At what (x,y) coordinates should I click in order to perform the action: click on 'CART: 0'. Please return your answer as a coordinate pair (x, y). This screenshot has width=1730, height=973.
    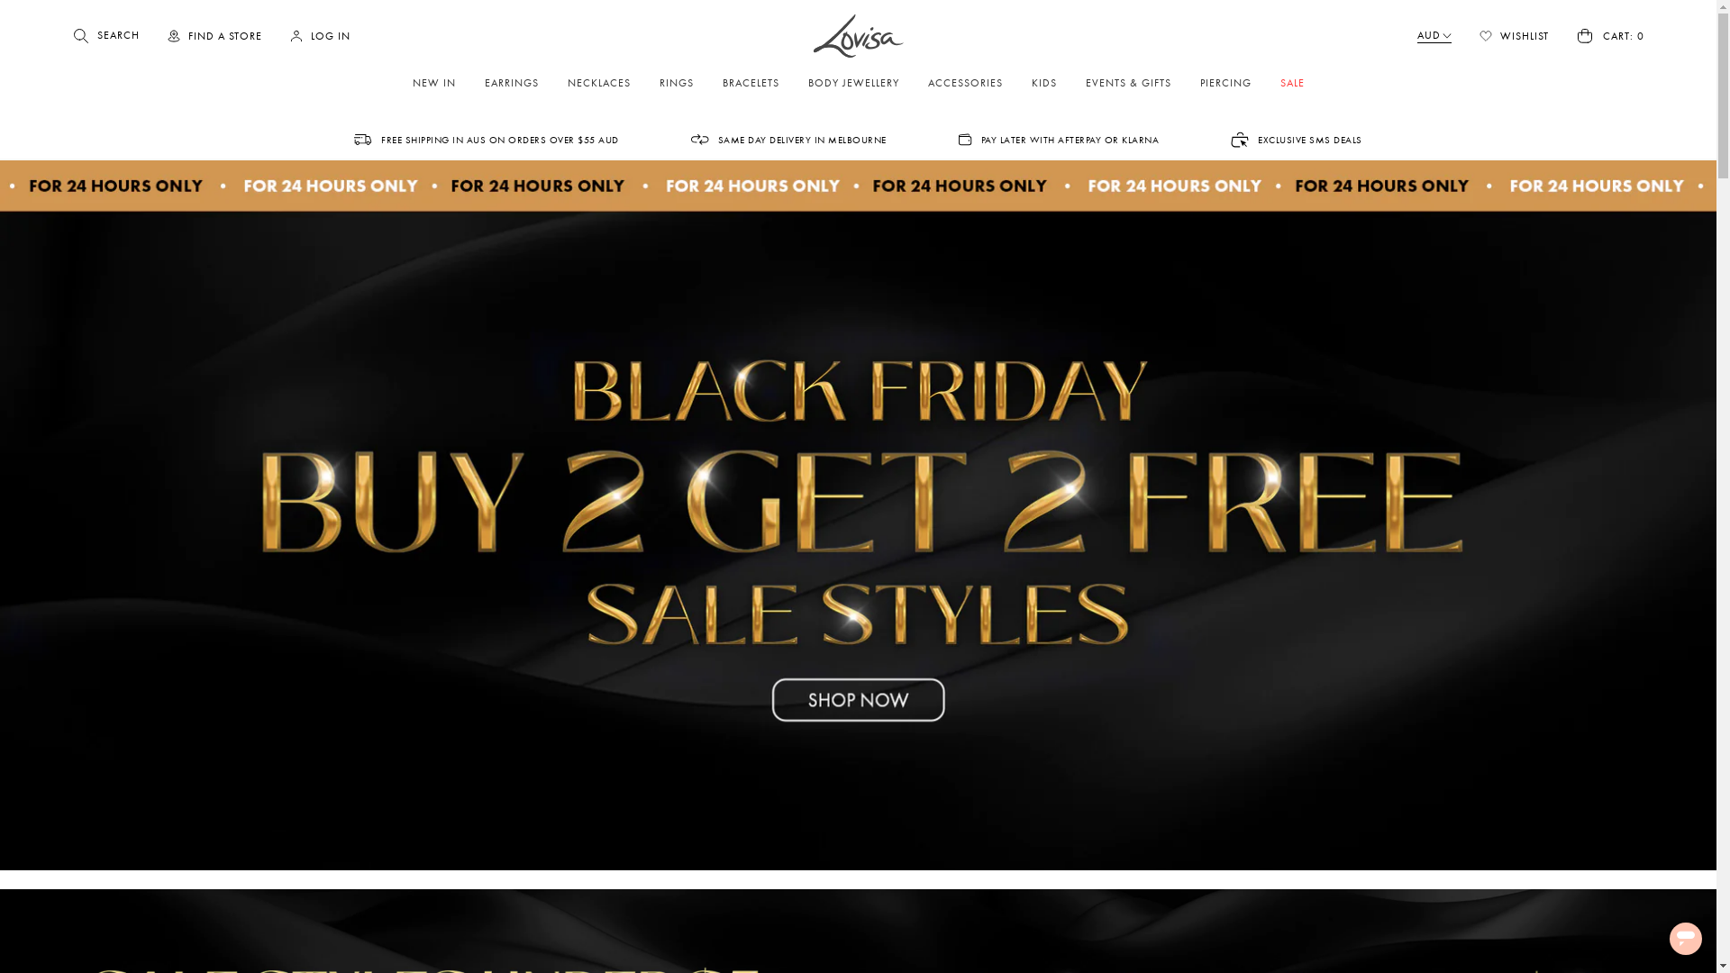
    Looking at the image, I should click on (1609, 35).